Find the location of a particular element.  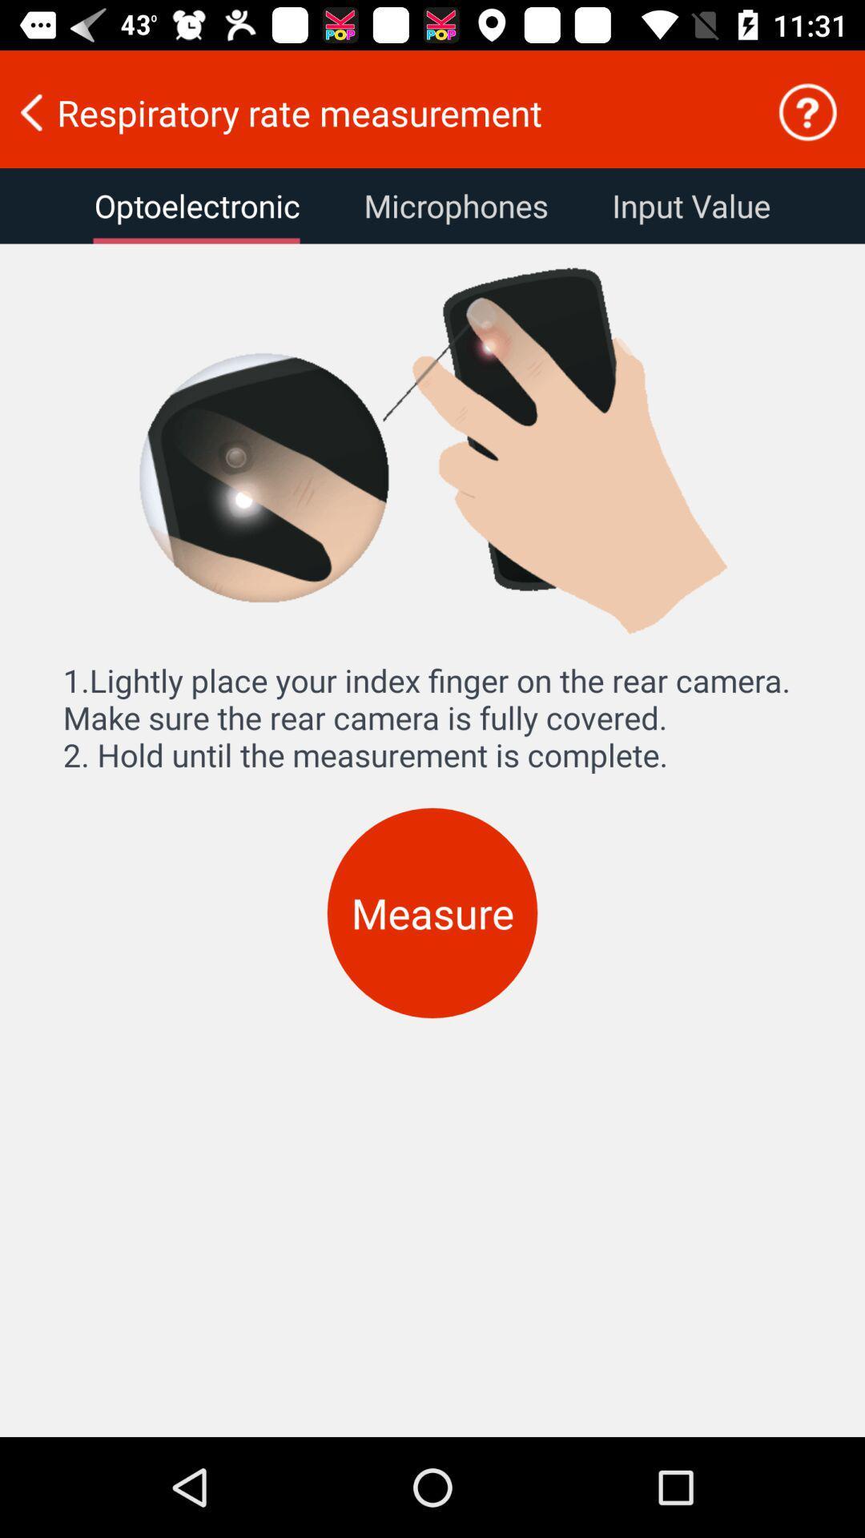

help to proceed is located at coordinates (807, 111).